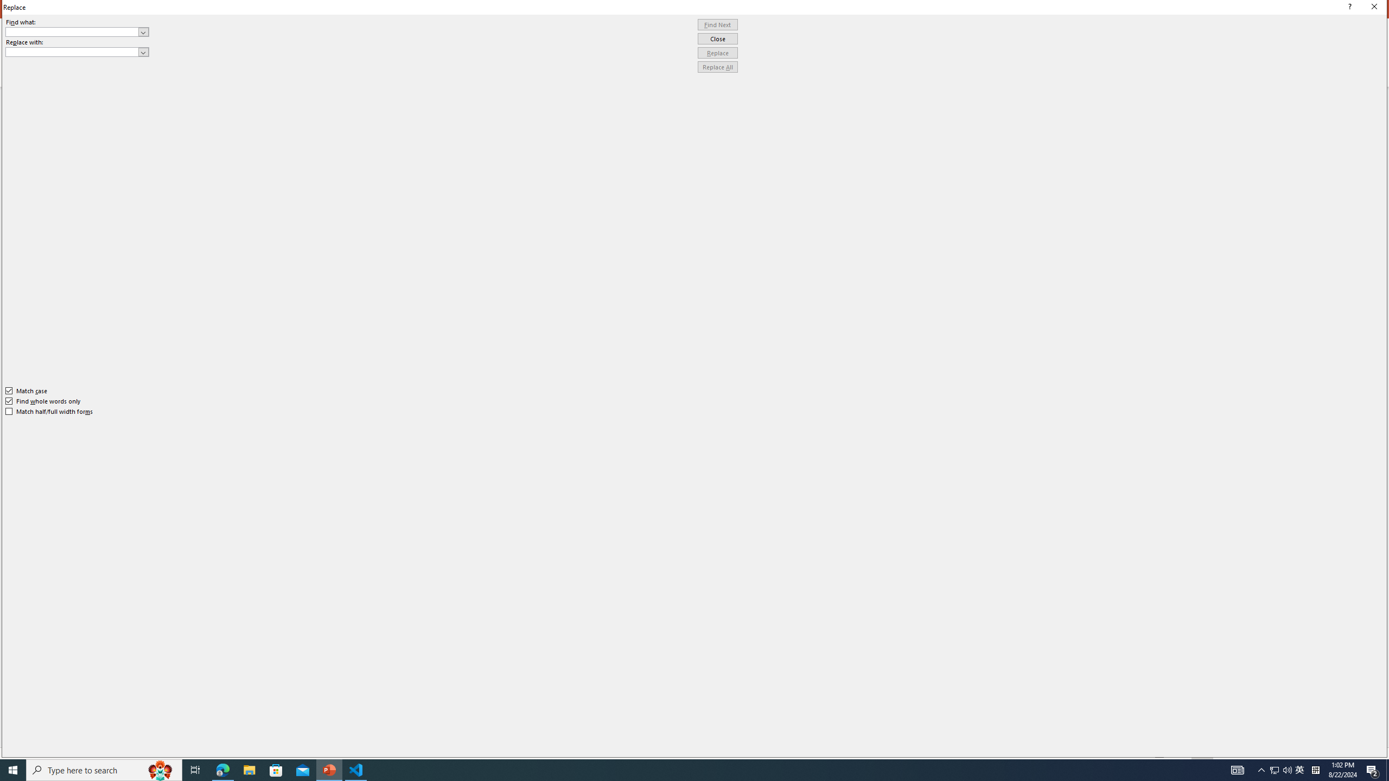  Describe the element at coordinates (72, 52) in the screenshot. I see `'Replace with'` at that location.